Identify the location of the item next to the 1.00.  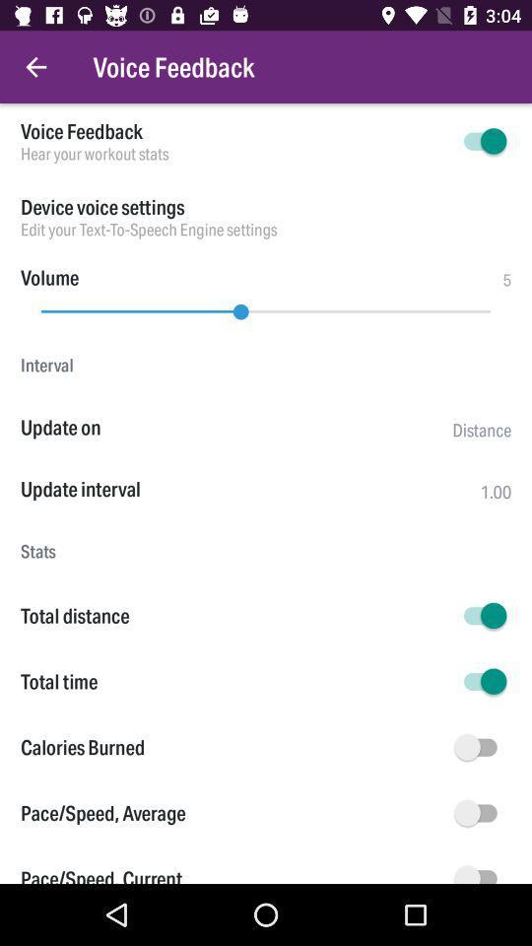
(250, 488).